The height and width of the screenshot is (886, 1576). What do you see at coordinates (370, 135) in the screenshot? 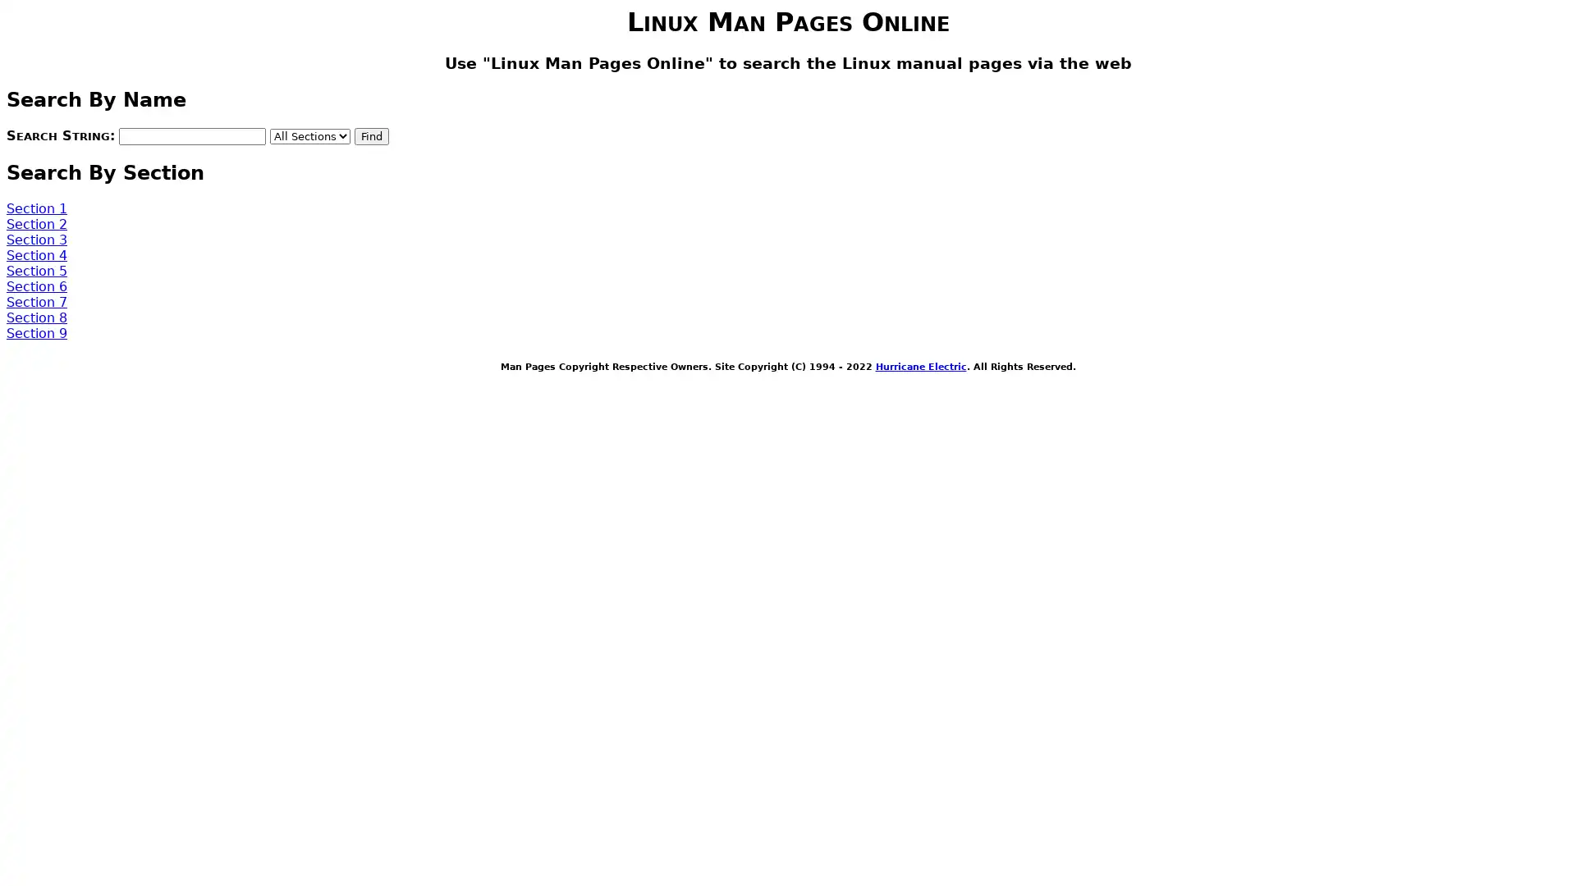
I see `Find` at bounding box center [370, 135].